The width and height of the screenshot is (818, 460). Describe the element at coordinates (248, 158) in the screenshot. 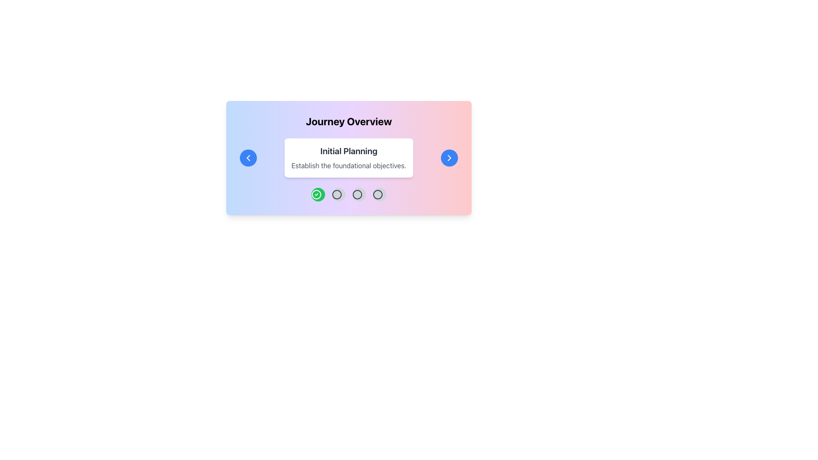

I see `the Chevron icon located within the circular blue button next to the title 'Journey Overview' for visual feedback` at that location.